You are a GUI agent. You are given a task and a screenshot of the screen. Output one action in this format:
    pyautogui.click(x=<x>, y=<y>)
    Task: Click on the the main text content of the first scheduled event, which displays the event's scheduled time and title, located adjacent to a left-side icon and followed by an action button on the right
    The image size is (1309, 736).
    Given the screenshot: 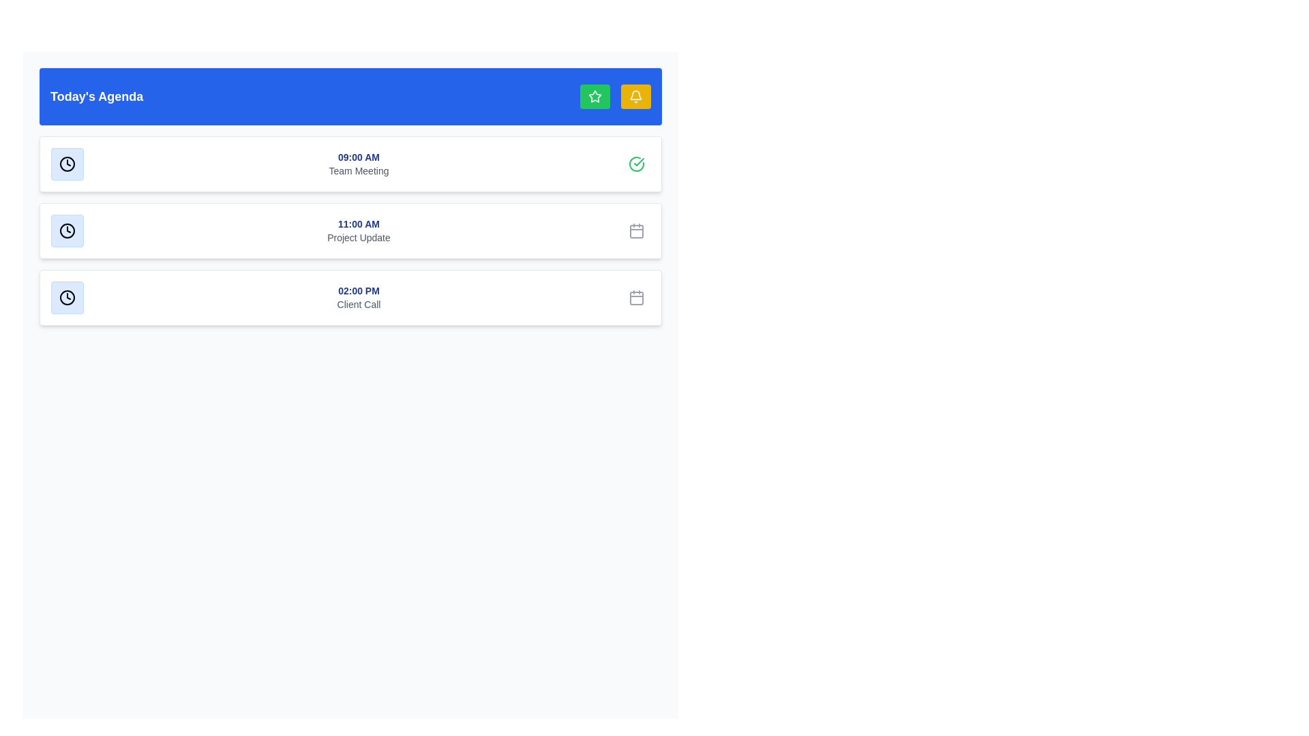 What is the action you would take?
    pyautogui.click(x=359, y=163)
    